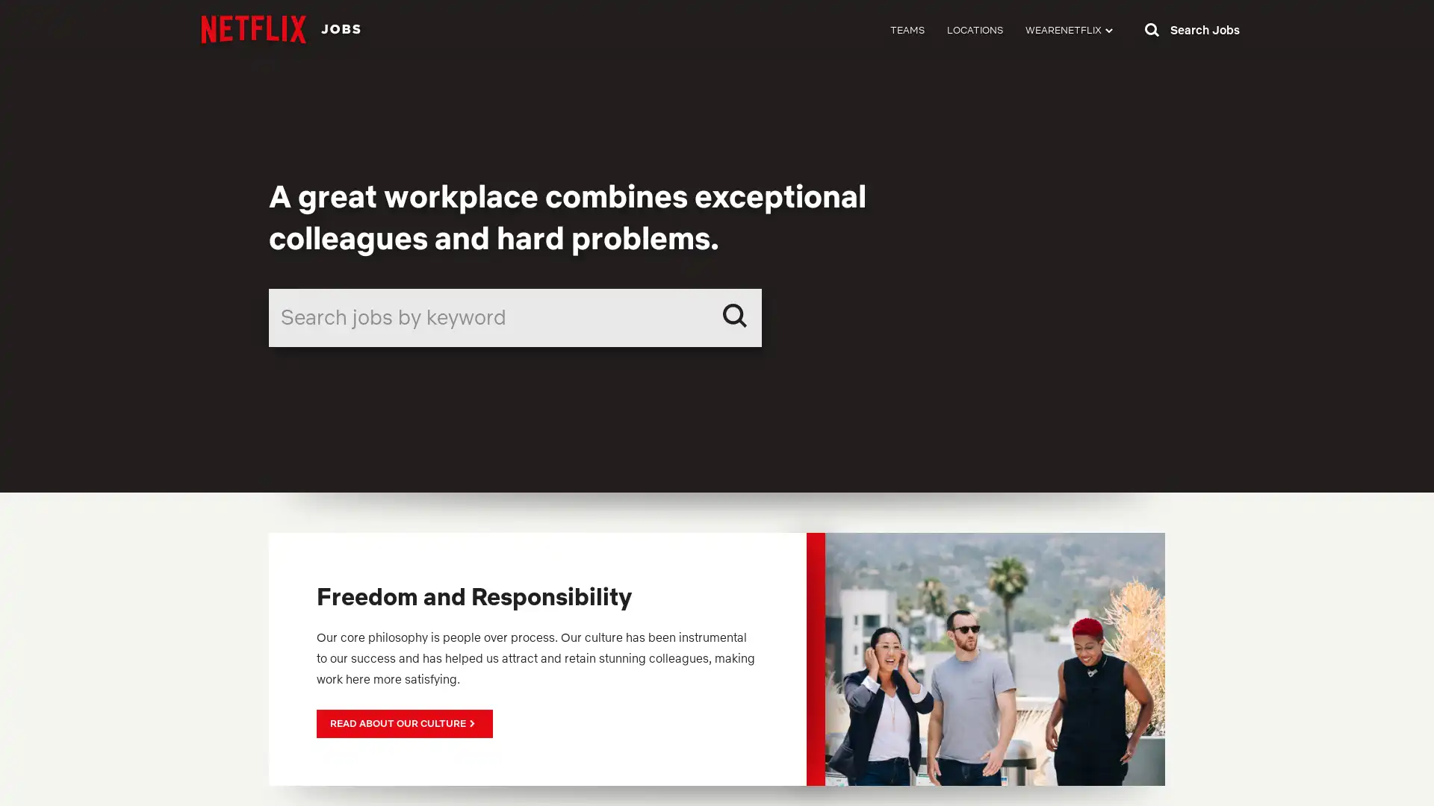 The image size is (1434, 806). Describe the element at coordinates (734, 315) in the screenshot. I see `Search Submit` at that location.